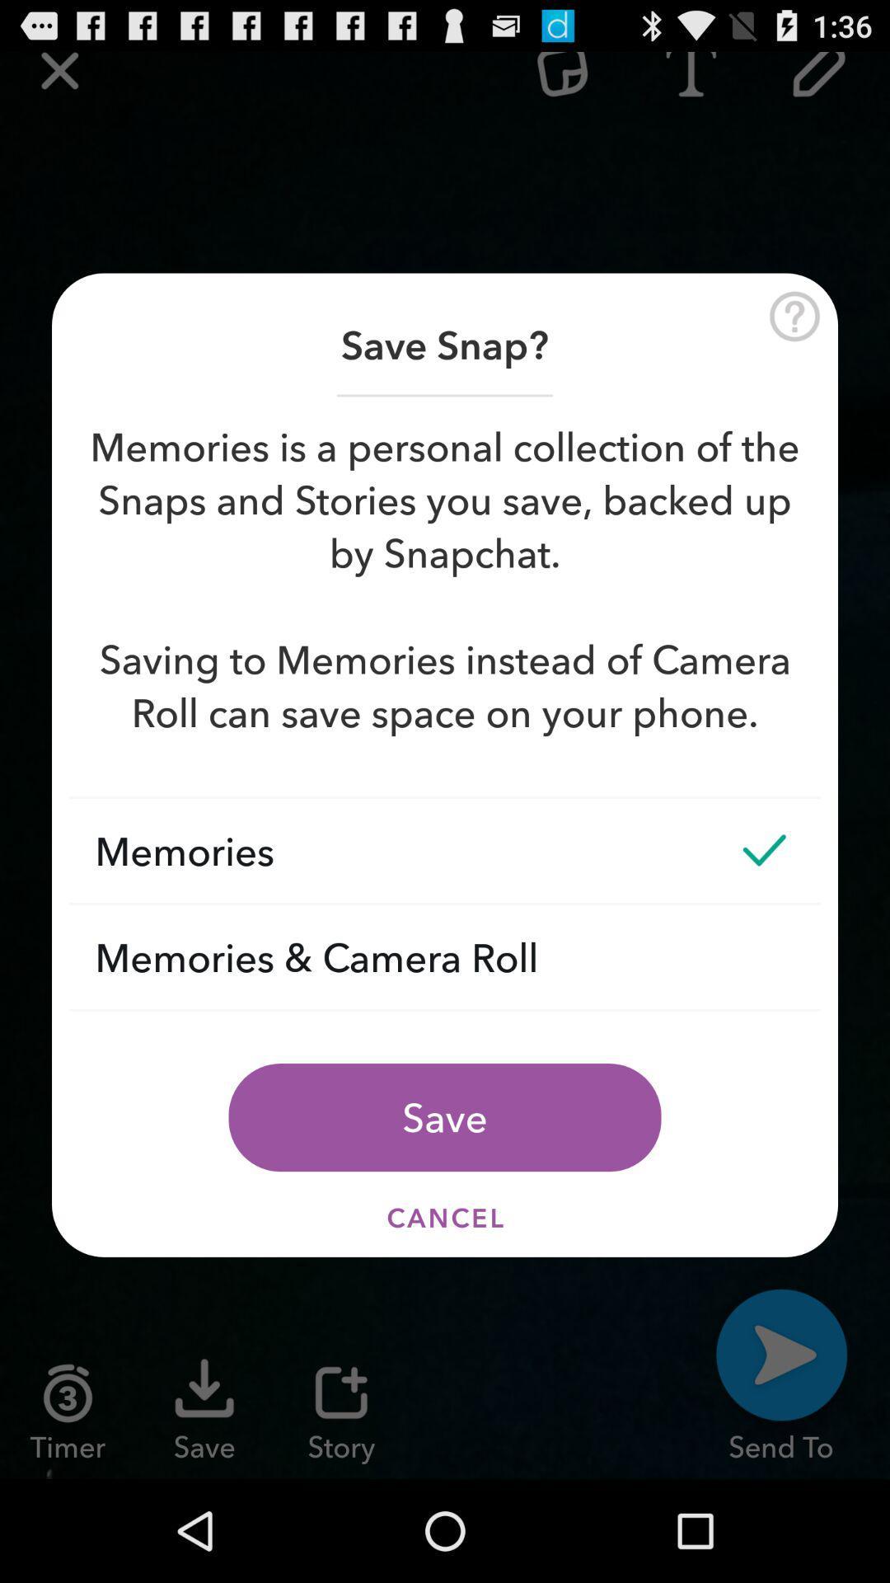  Describe the element at coordinates (794, 337) in the screenshot. I see `the help icon` at that location.